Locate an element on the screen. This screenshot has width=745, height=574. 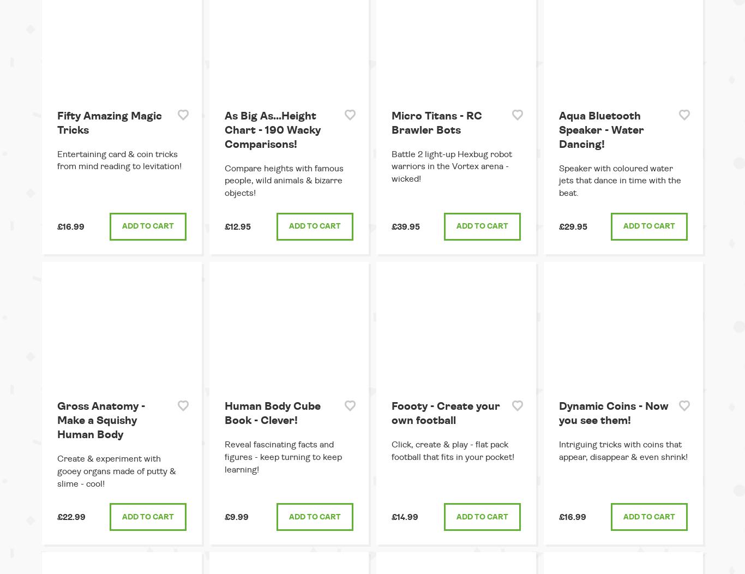
'Reveal fascinating facts and figures - keep turning to keep learning!' is located at coordinates (283, 456).